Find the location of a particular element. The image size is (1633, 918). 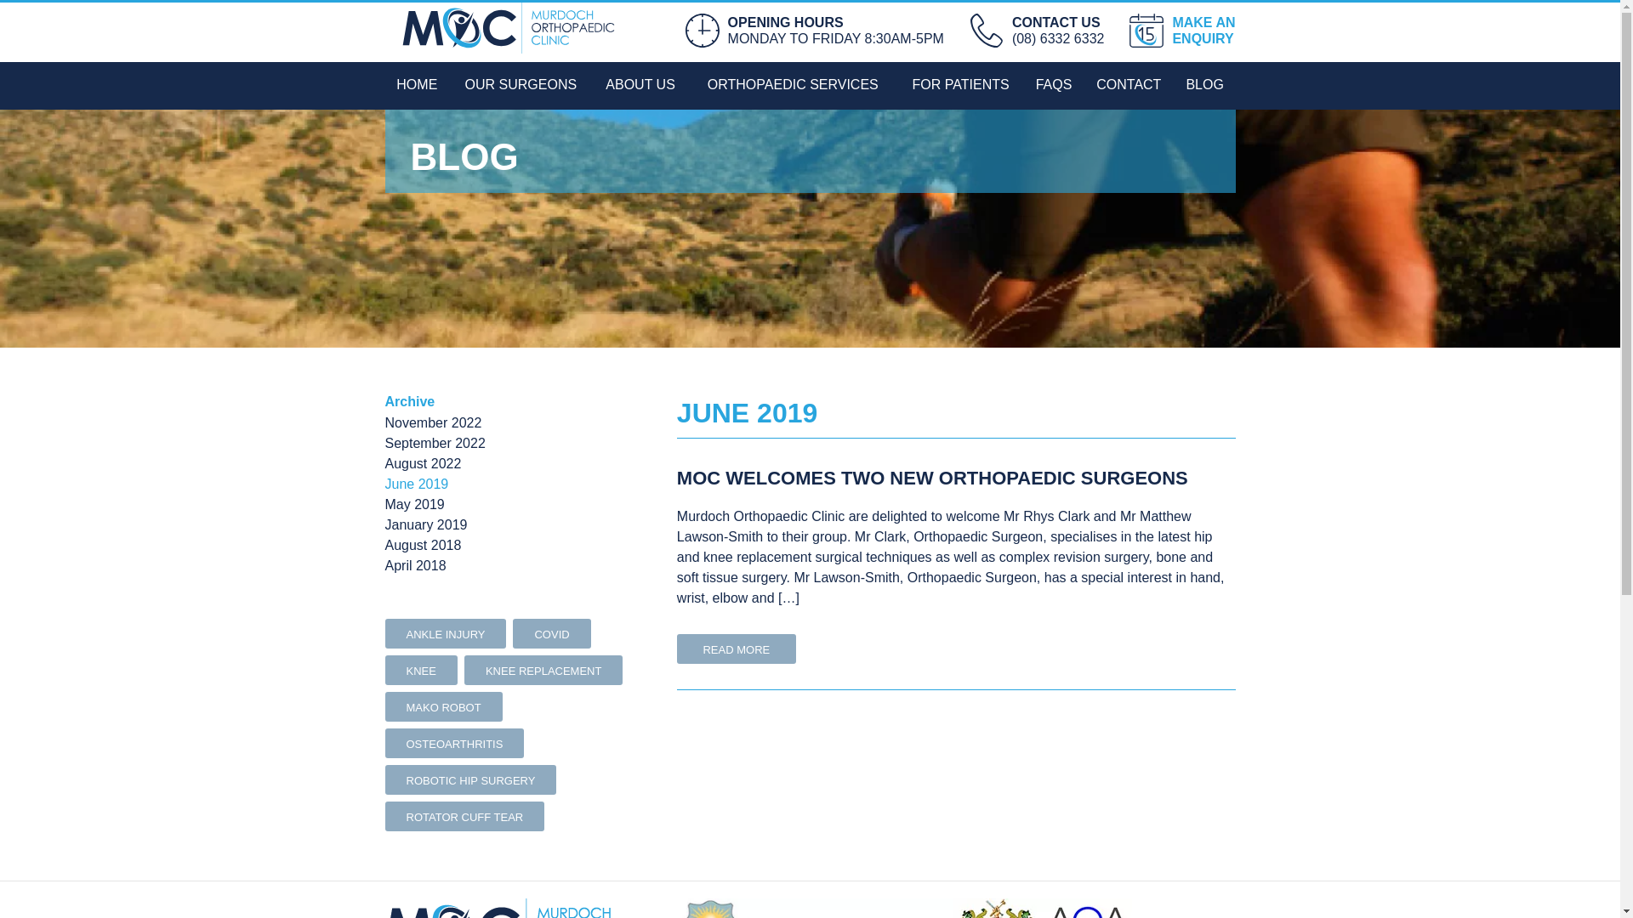

'KNEE REPLACEMENT' is located at coordinates (464, 669).